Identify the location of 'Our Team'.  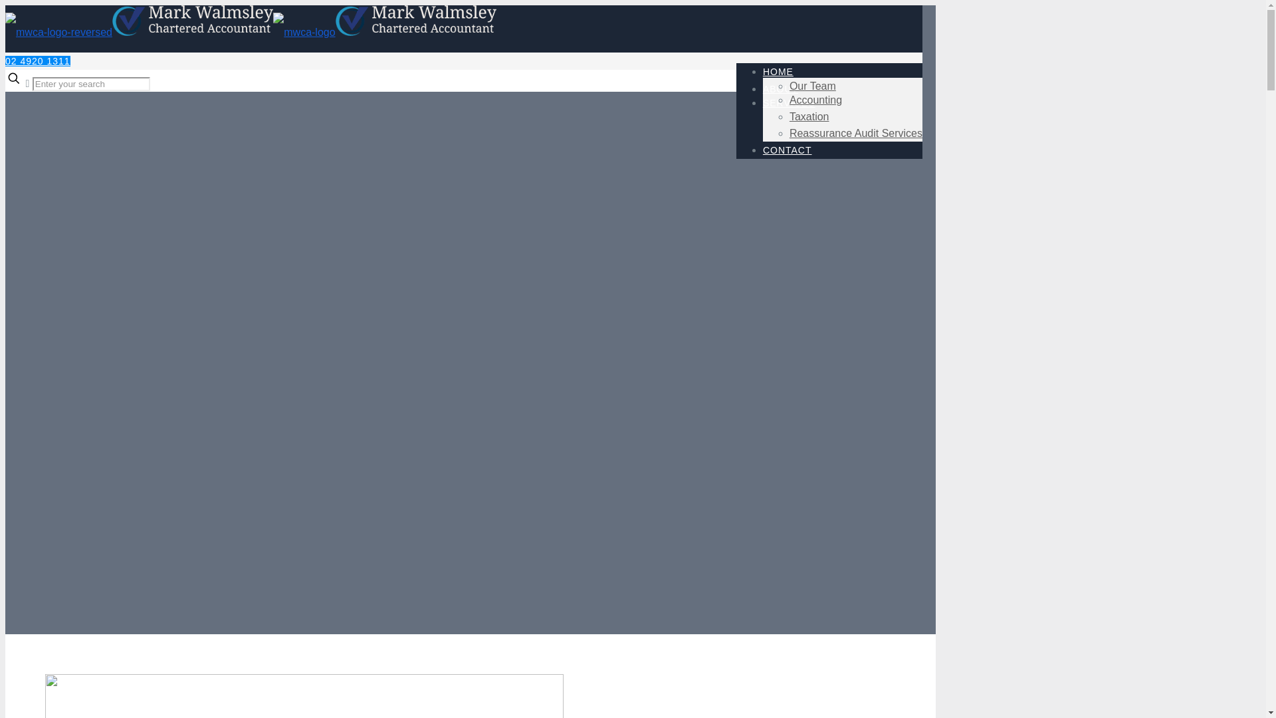
(790, 86).